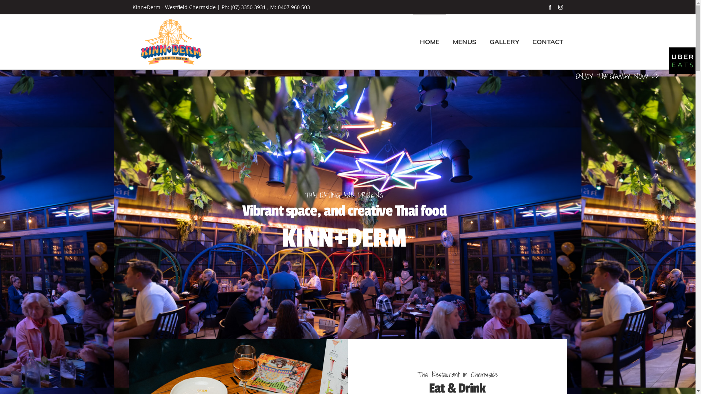  Describe the element at coordinates (548, 42) in the screenshot. I see `'CONTACT'` at that location.